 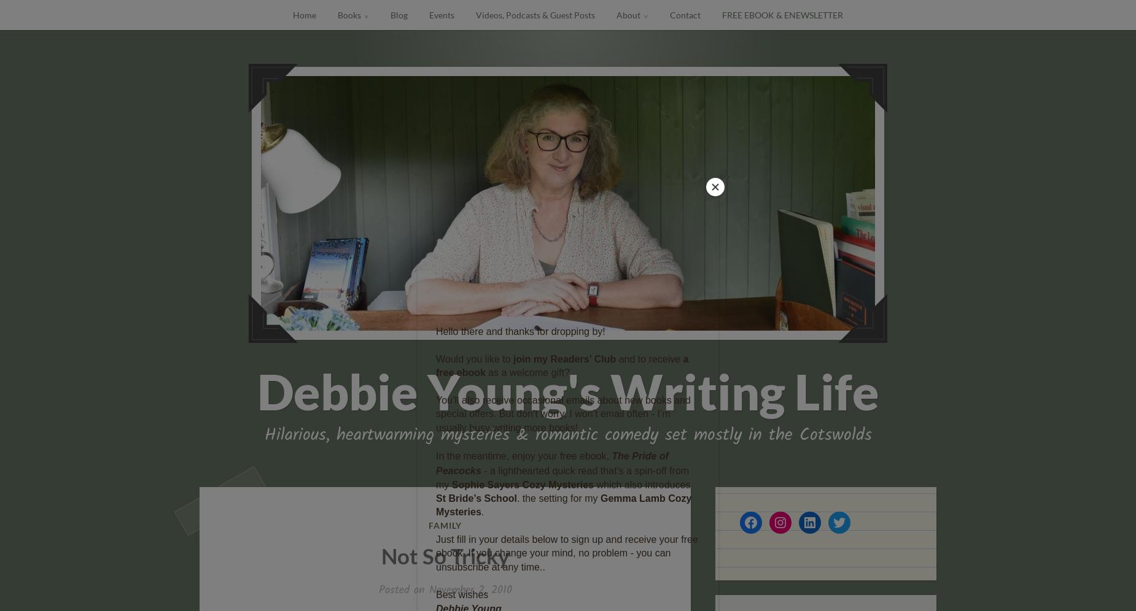 I want to click on 'Debbie Young's Writing Life', so click(x=567, y=391).